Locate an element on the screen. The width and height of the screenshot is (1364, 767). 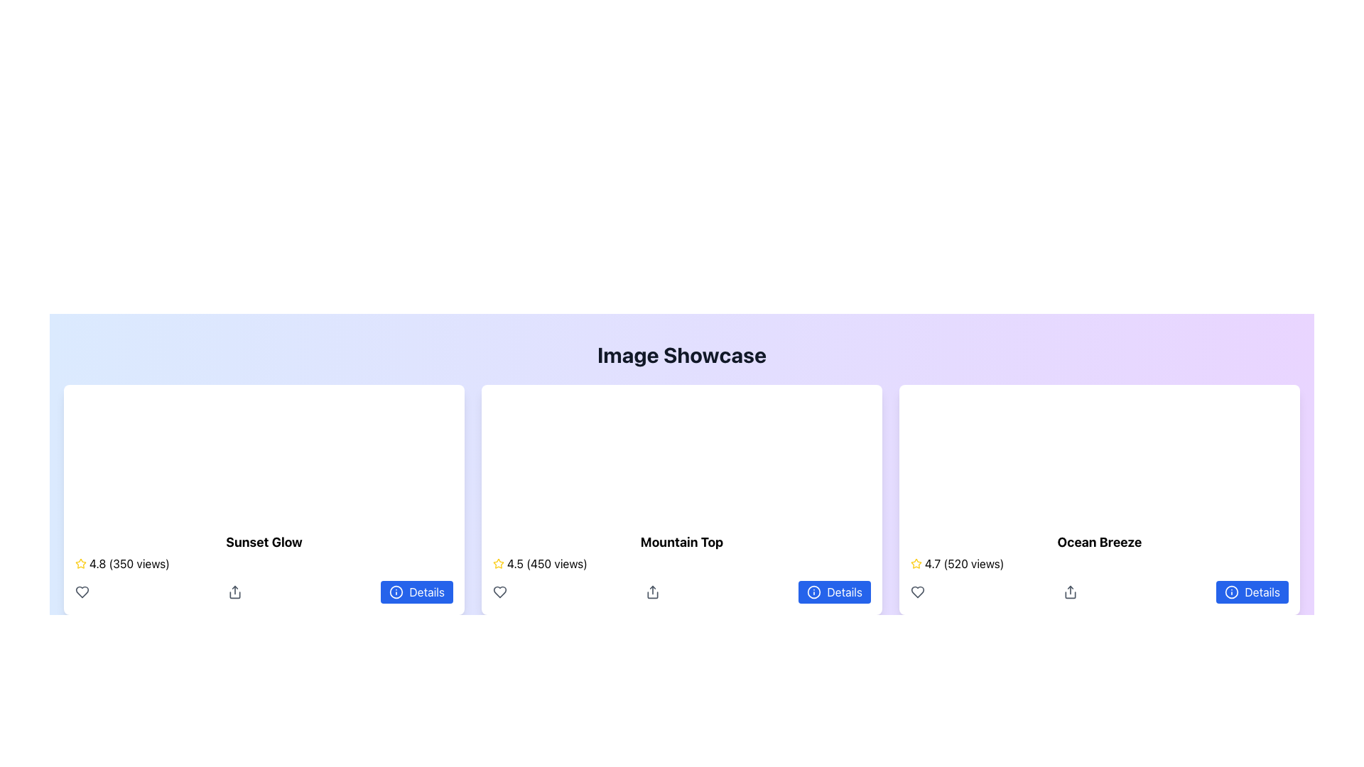
the share button located below the title 'Mountain Top', positioned to the right of the heart-shaped icon and above the 'Details' button is located at coordinates (652, 592).